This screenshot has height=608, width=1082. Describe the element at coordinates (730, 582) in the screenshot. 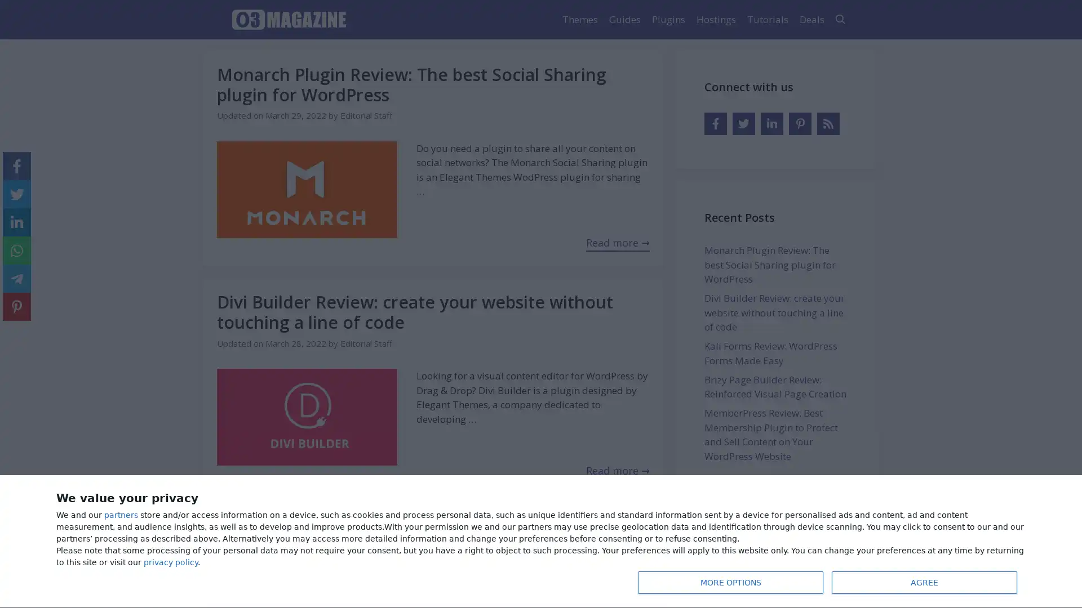

I see `MORE OPTIONS` at that location.